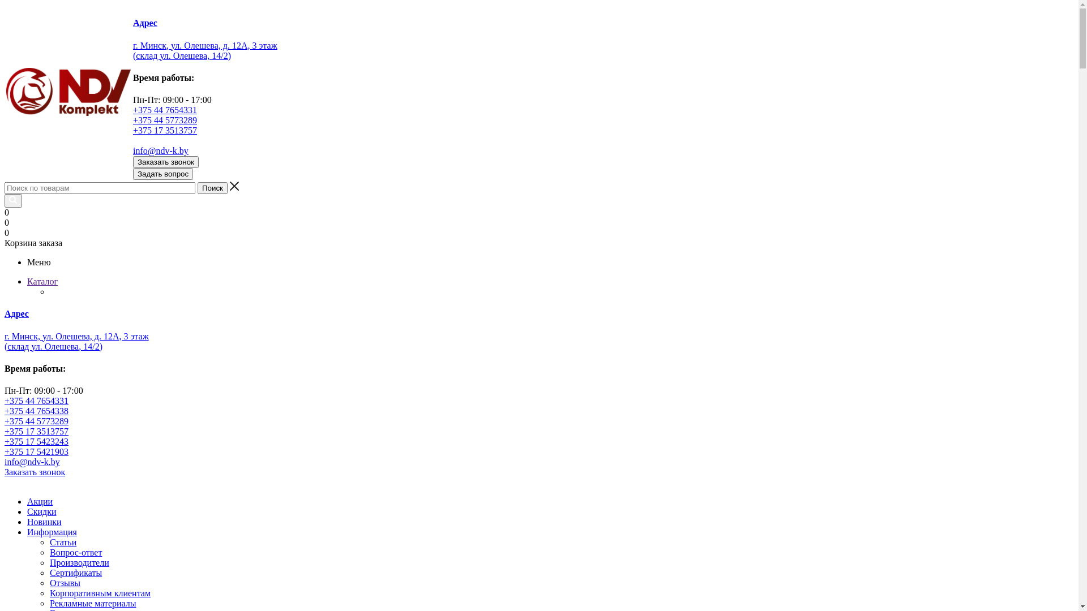  I want to click on '+375 44 7654338', so click(36, 411).